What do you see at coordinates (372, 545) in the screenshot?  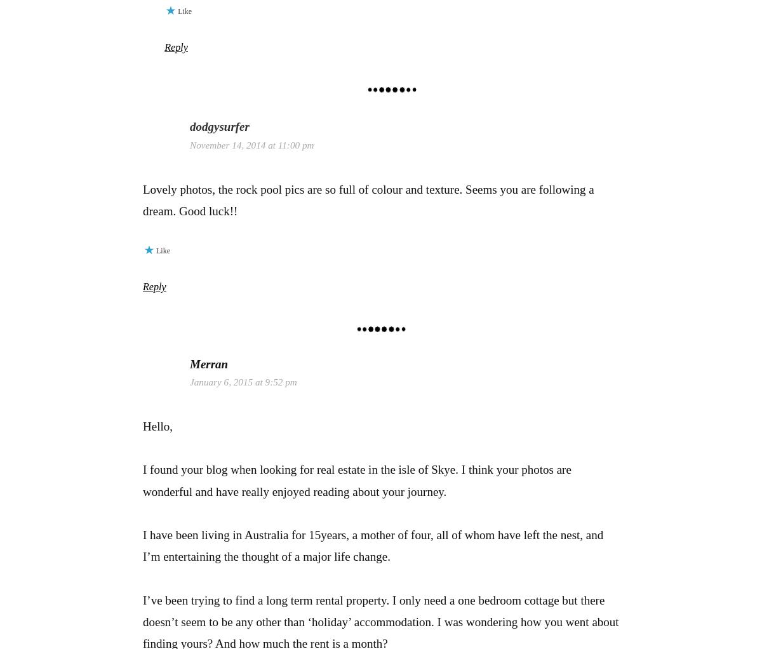 I see `'I have been living in Australia for 15years, a mother of four, all of whom have left the nest, and I’m entertaining the thought of a major life change.'` at bounding box center [372, 545].